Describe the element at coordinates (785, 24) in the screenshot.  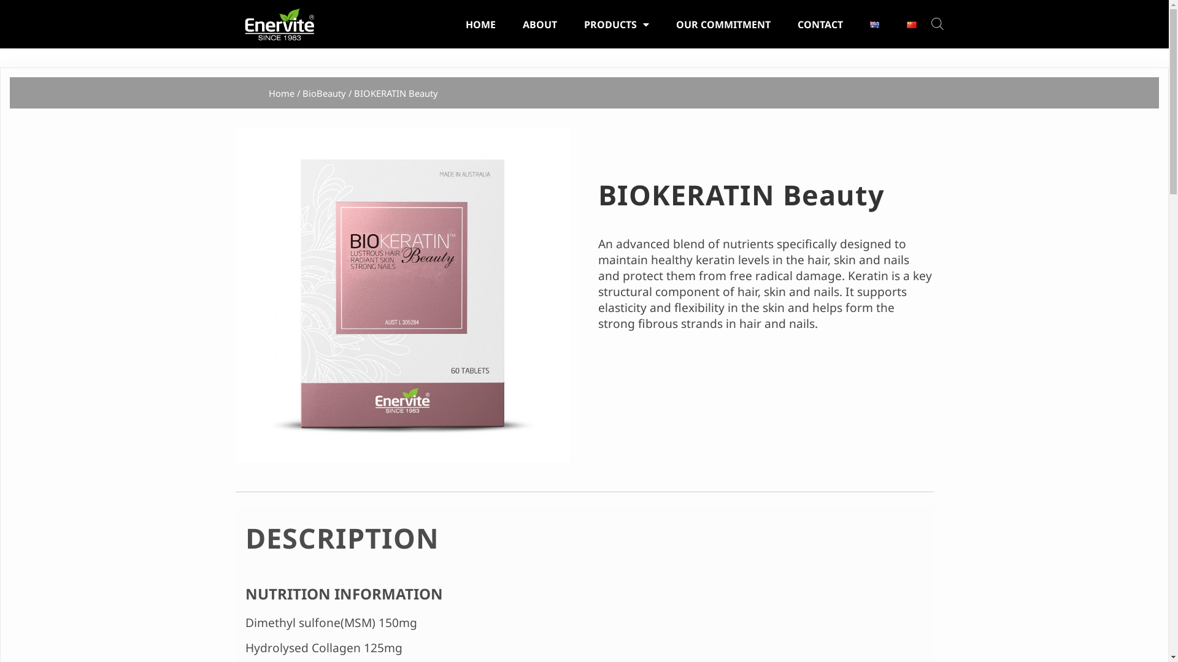
I see `'CONTACT'` at that location.